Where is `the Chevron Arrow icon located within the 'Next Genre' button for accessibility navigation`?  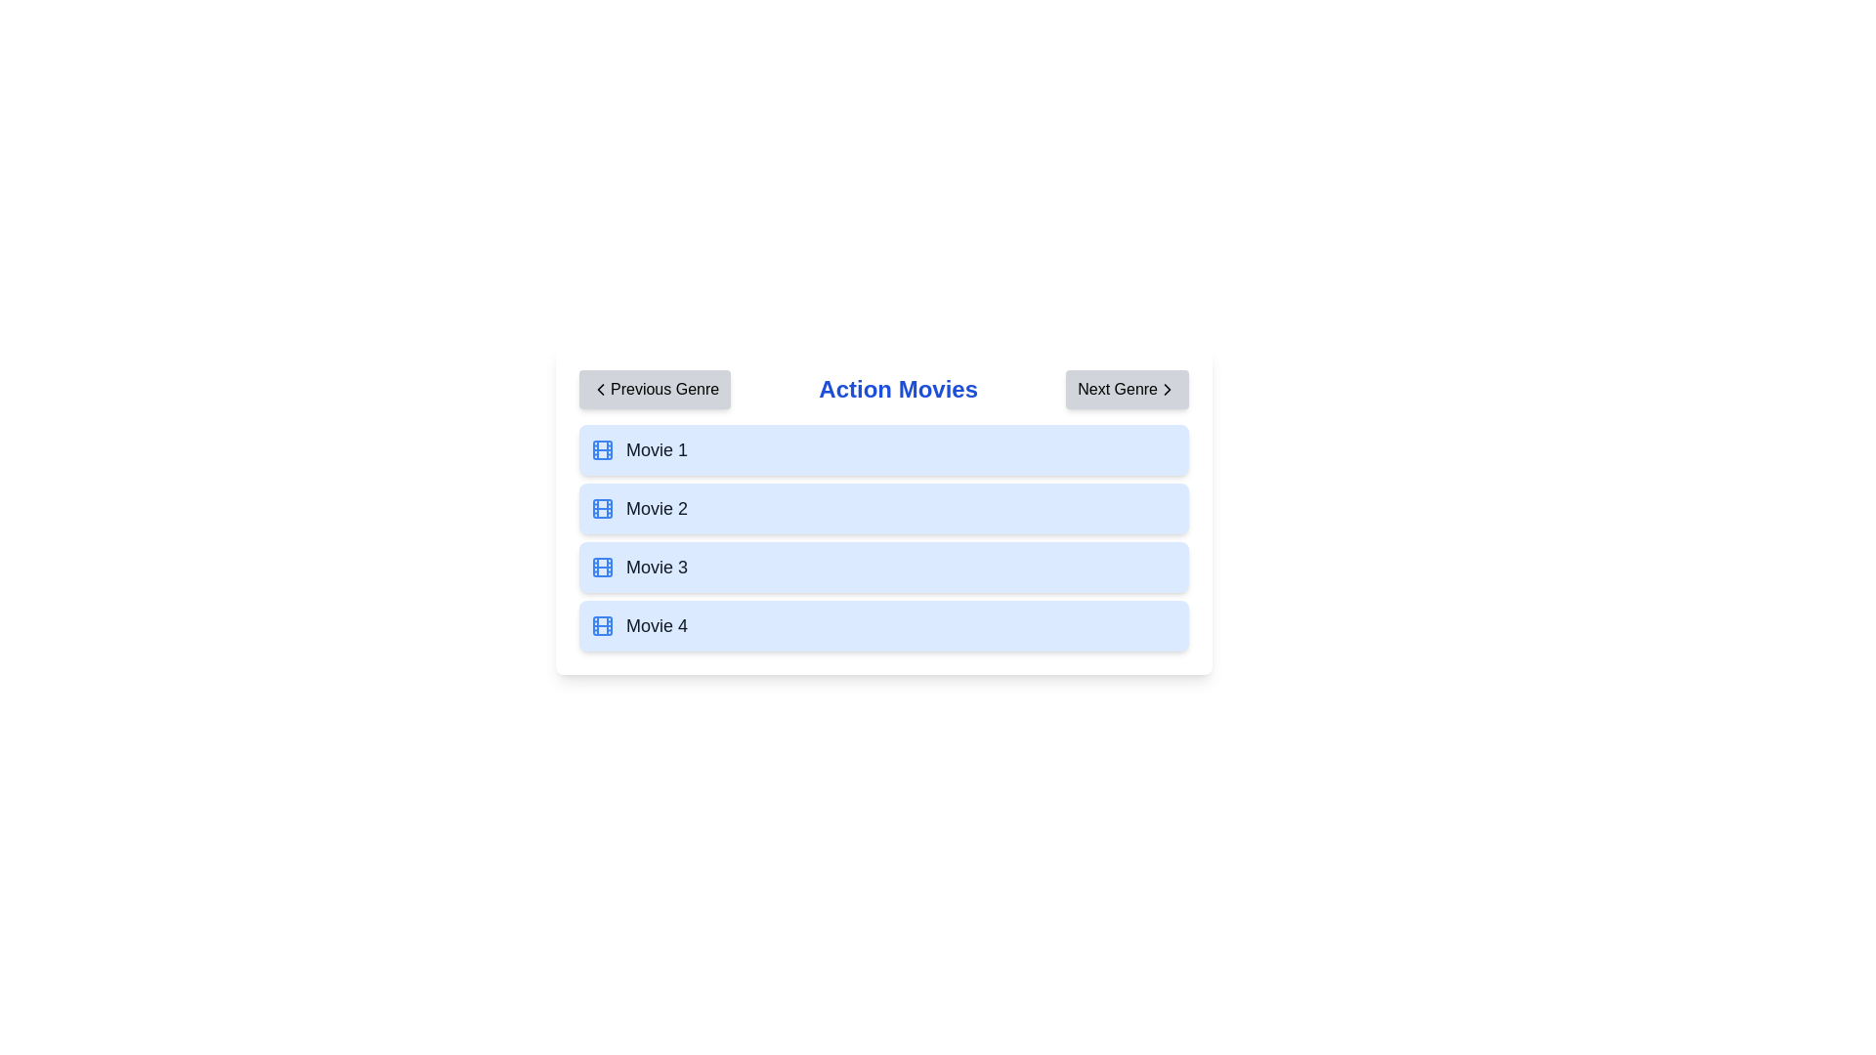
the Chevron Arrow icon located within the 'Next Genre' button for accessibility navigation is located at coordinates (1168, 389).